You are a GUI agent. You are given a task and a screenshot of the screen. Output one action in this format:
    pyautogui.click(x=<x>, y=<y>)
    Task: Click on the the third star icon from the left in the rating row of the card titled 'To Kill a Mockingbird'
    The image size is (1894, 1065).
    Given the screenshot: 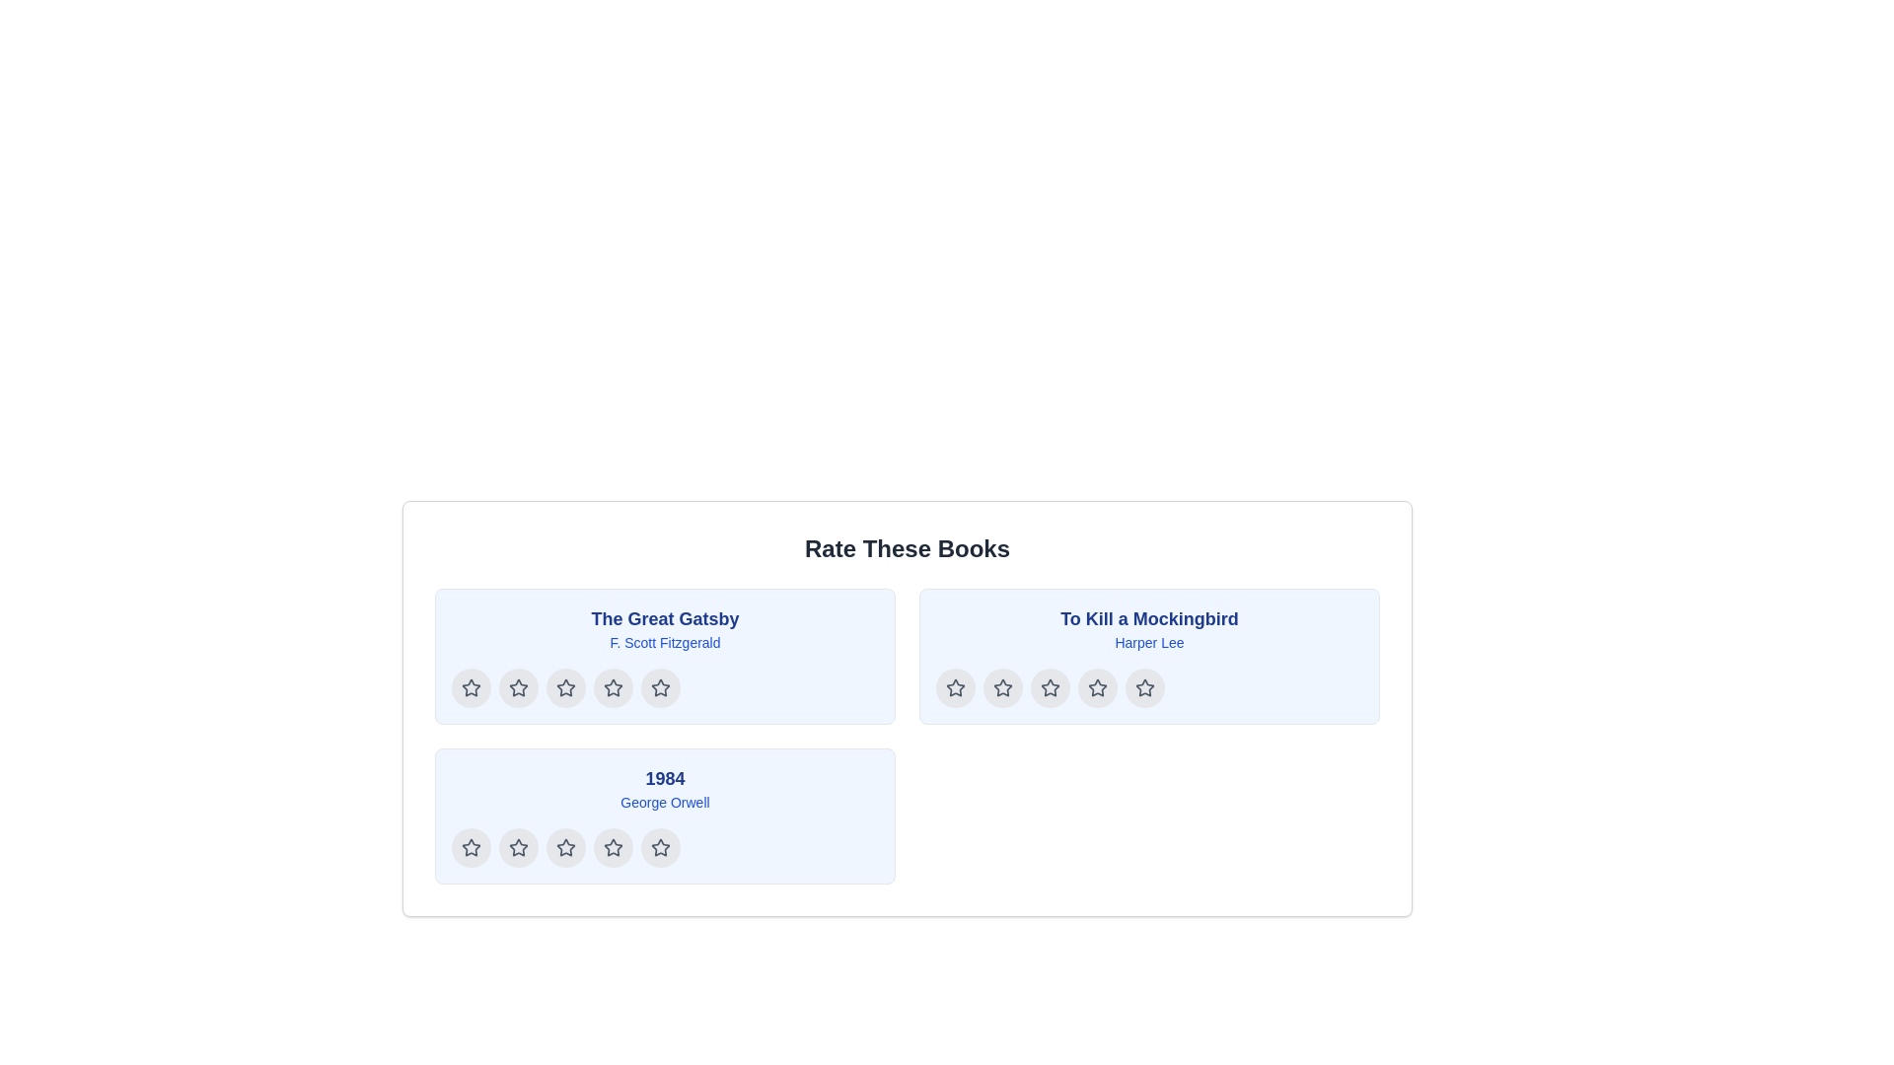 What is the action you would take?
    pyautogui.click(x=1050, y=687)
    